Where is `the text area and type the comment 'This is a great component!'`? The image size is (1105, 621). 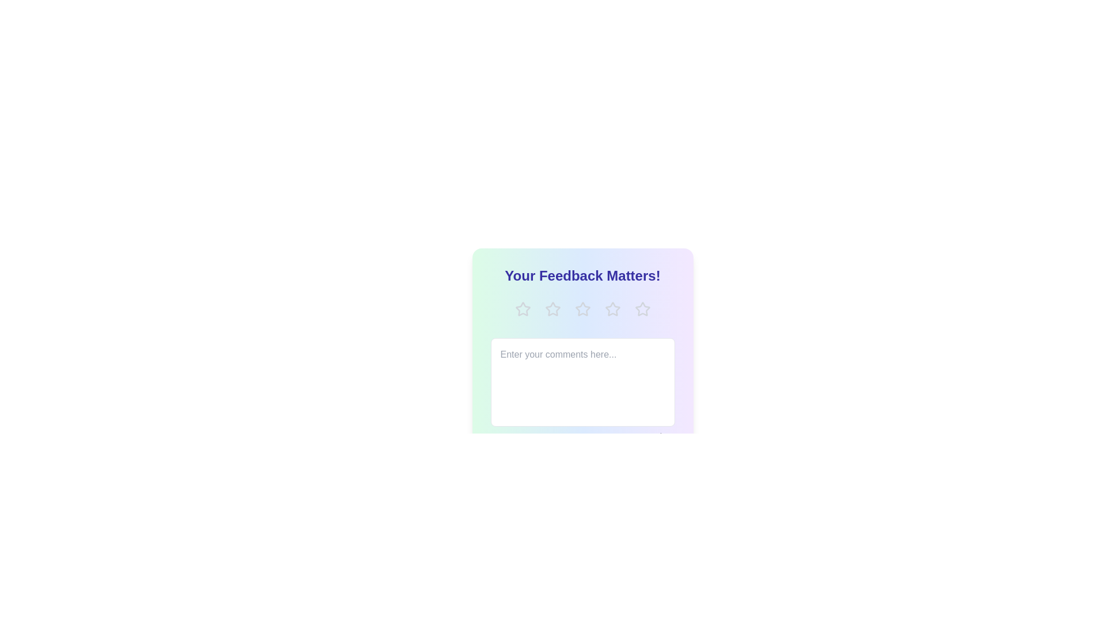
the text area and type the comment 'This is a great component!' is located at coordinates (582, 382).